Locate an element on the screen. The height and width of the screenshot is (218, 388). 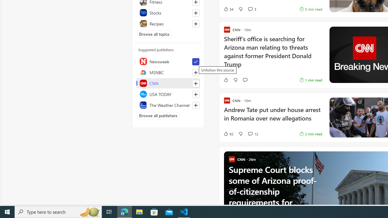
'Browse all publishers' is located at coordinates (158, 115).